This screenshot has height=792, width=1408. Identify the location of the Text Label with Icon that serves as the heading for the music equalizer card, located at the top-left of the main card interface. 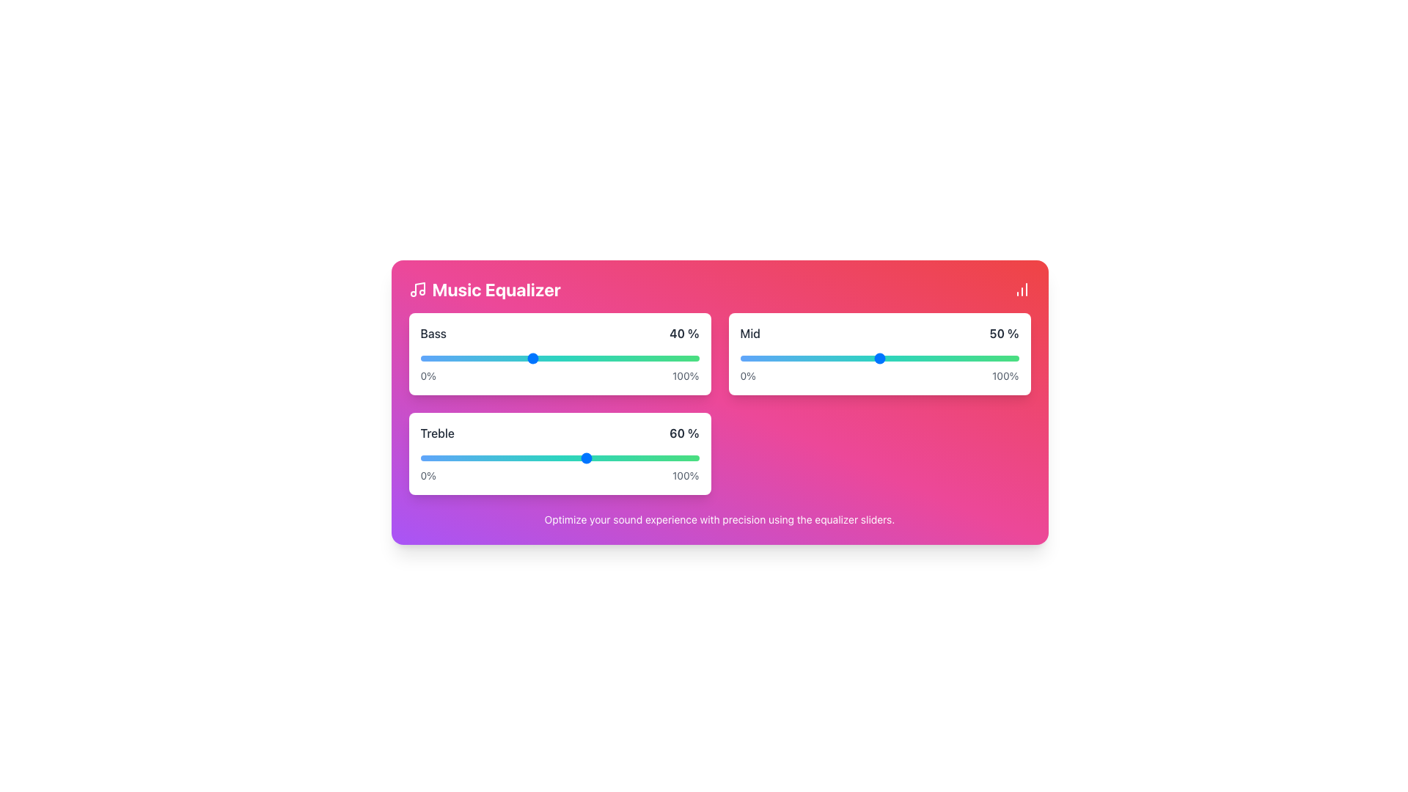
(485, 289).